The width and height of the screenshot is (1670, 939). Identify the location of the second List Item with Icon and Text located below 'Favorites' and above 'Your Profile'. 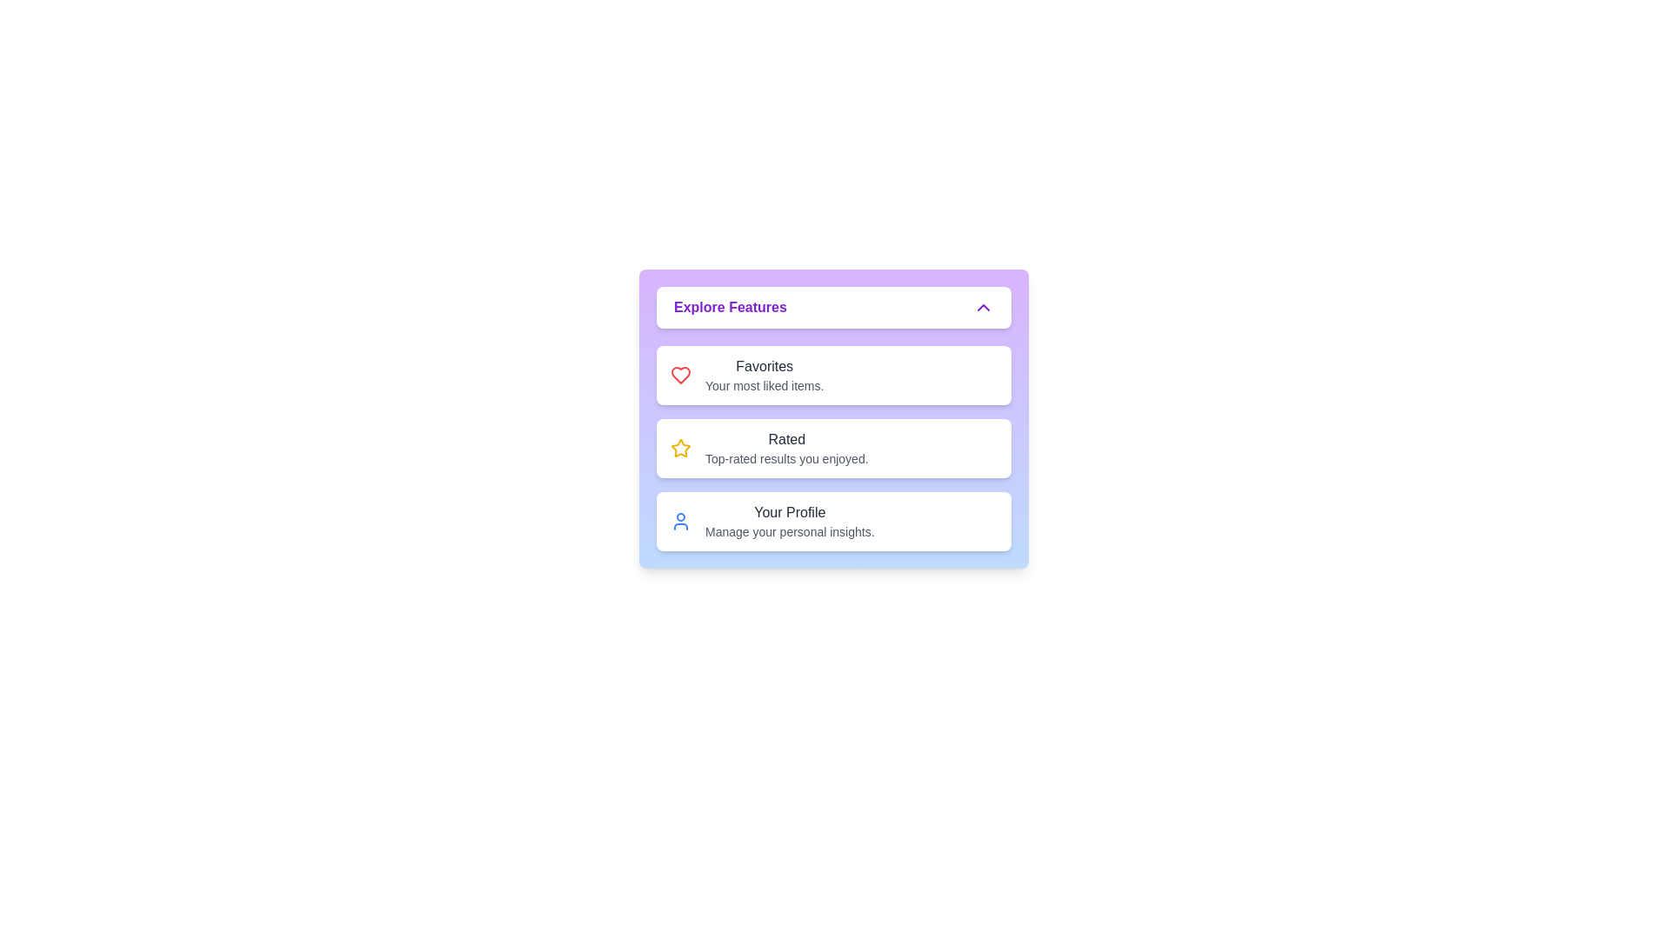
(833, 448).